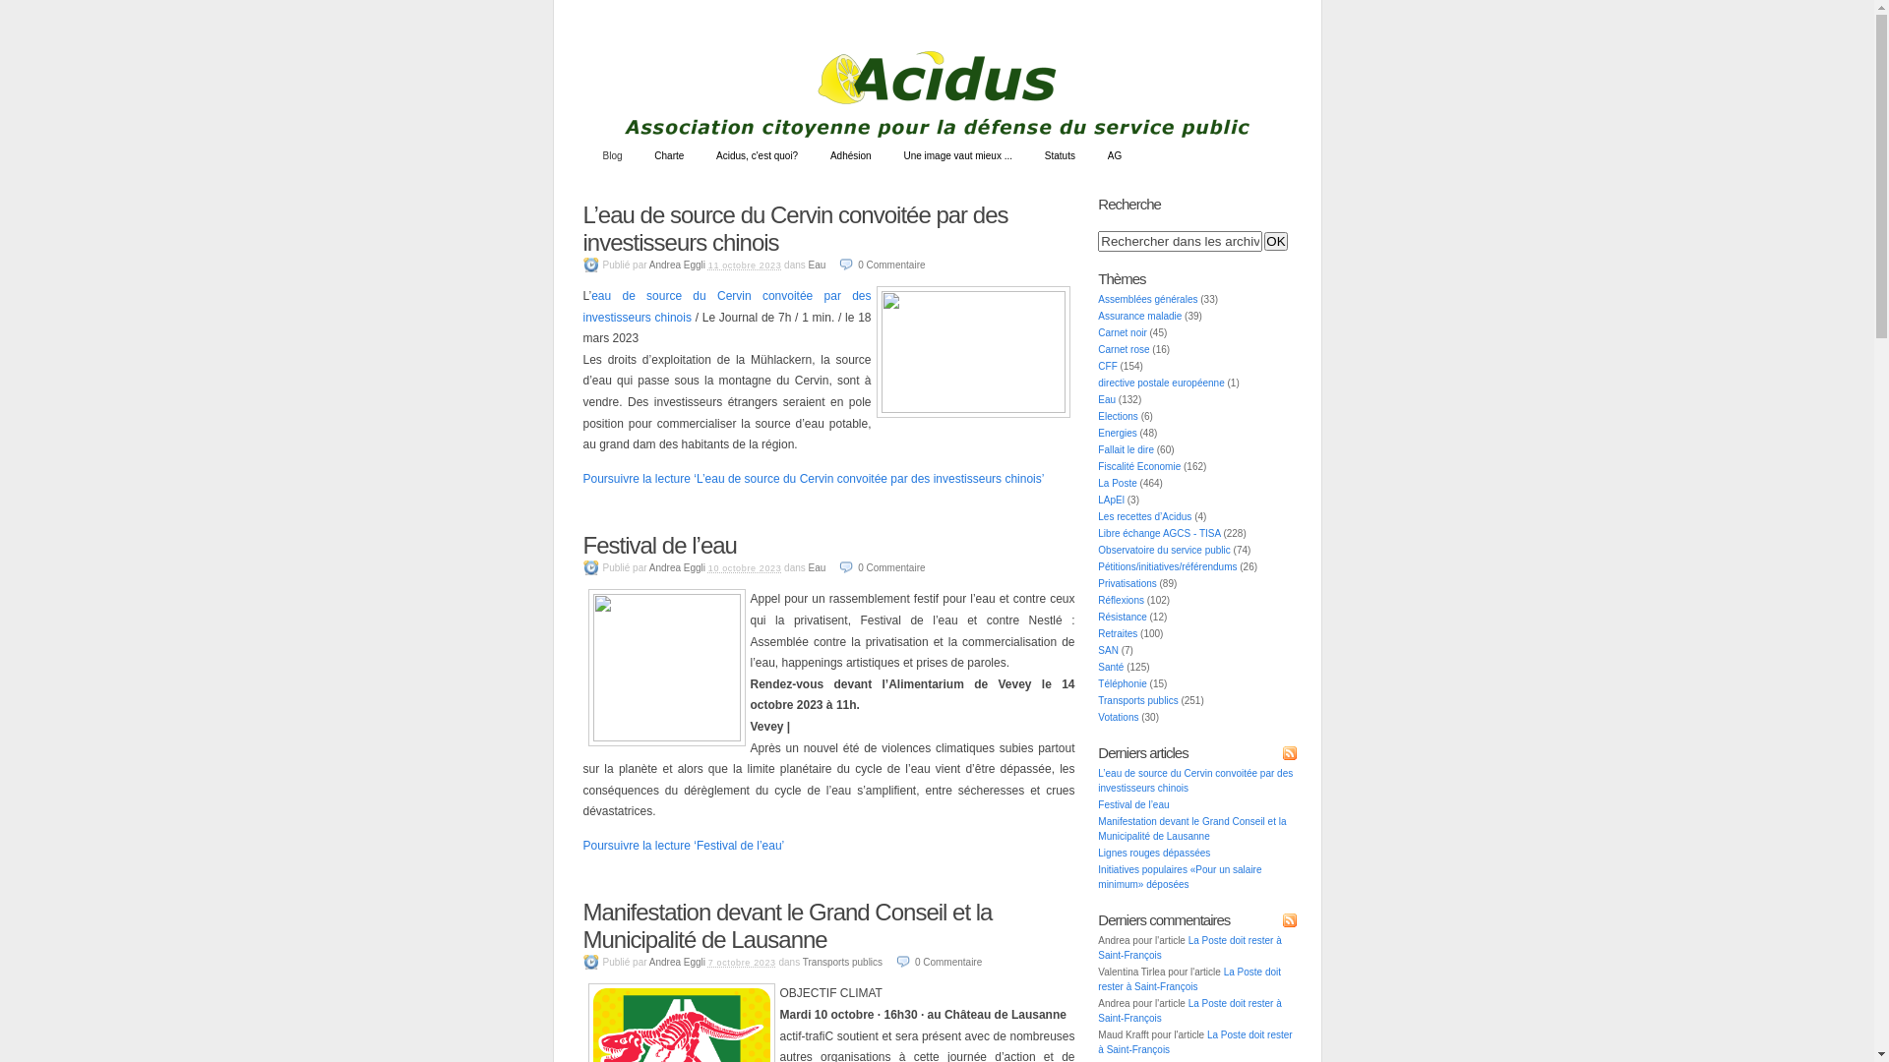 The height and width of the screenshot is (1062, 1889). Describe the element at coordinates (1275, 240) in the screenshot. I see `'OK'` at that location.